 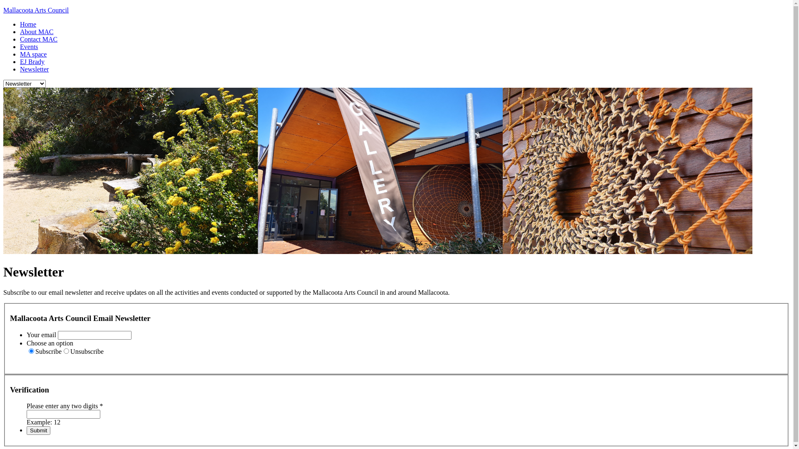 What do you see at coordinates (36, 31) in the screenshot?
I see `'About MAC'` at bounding box center [36, 31].